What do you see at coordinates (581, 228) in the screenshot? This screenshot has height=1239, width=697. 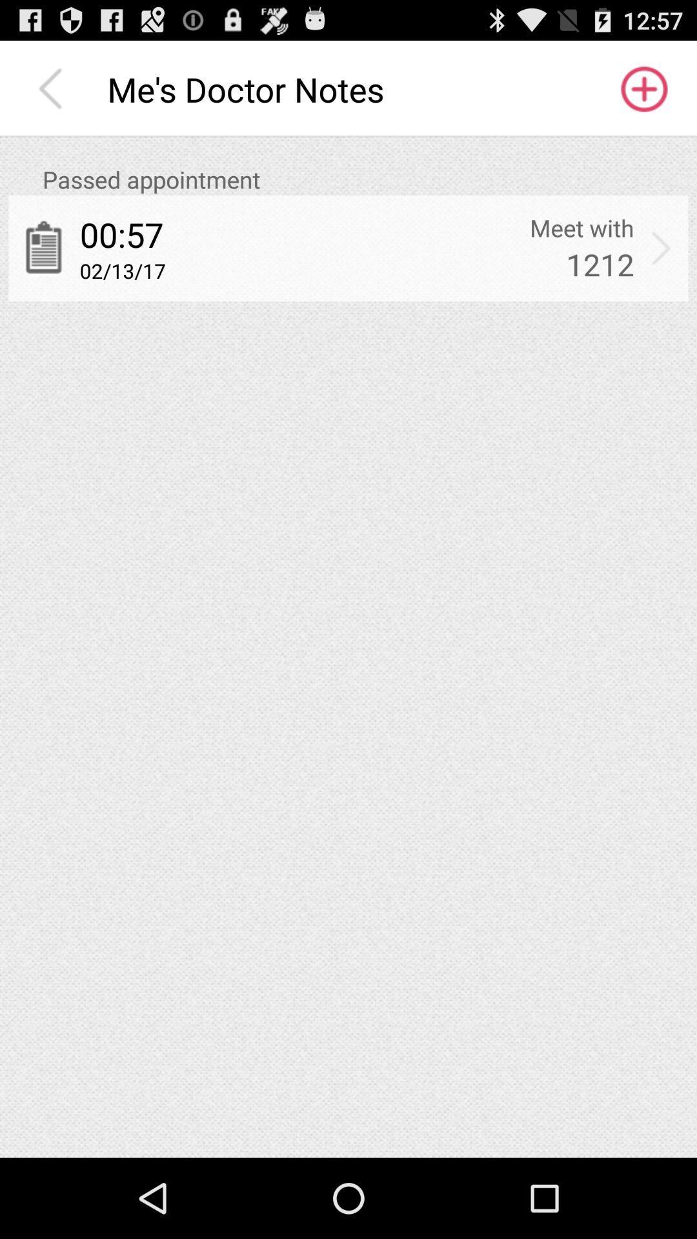 I see `app next to 00:57 app` at bounding box center [581, 228].